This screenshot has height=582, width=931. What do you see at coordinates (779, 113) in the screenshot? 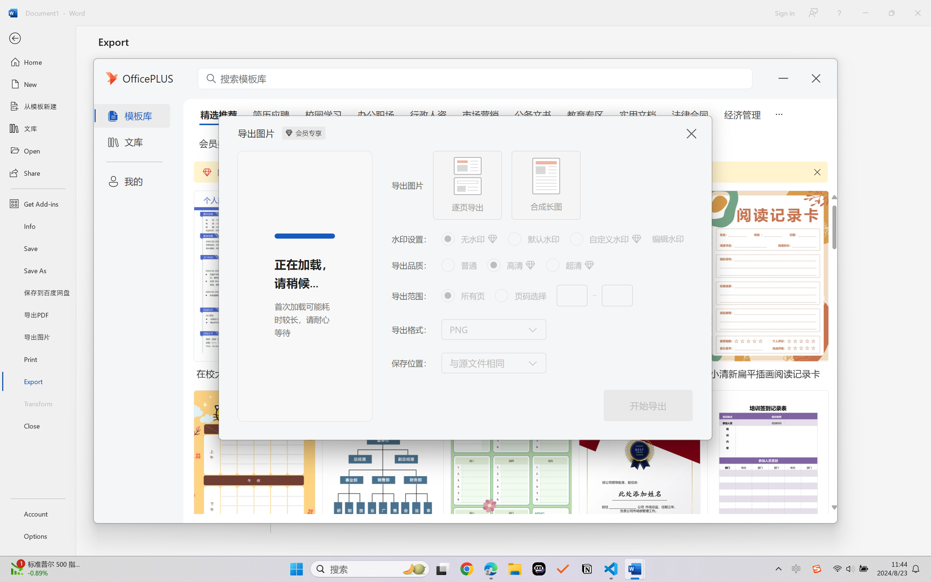
I see `'5 more tabs'` at bounding box center [779, 113].